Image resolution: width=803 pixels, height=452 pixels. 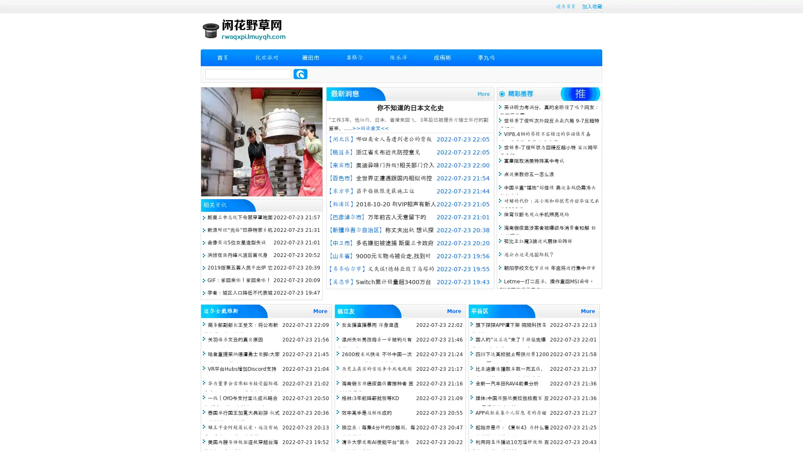 What do you see at coordinates (300, 74) in the screenshot?
I see `Search` at bounding box center [300, 74].